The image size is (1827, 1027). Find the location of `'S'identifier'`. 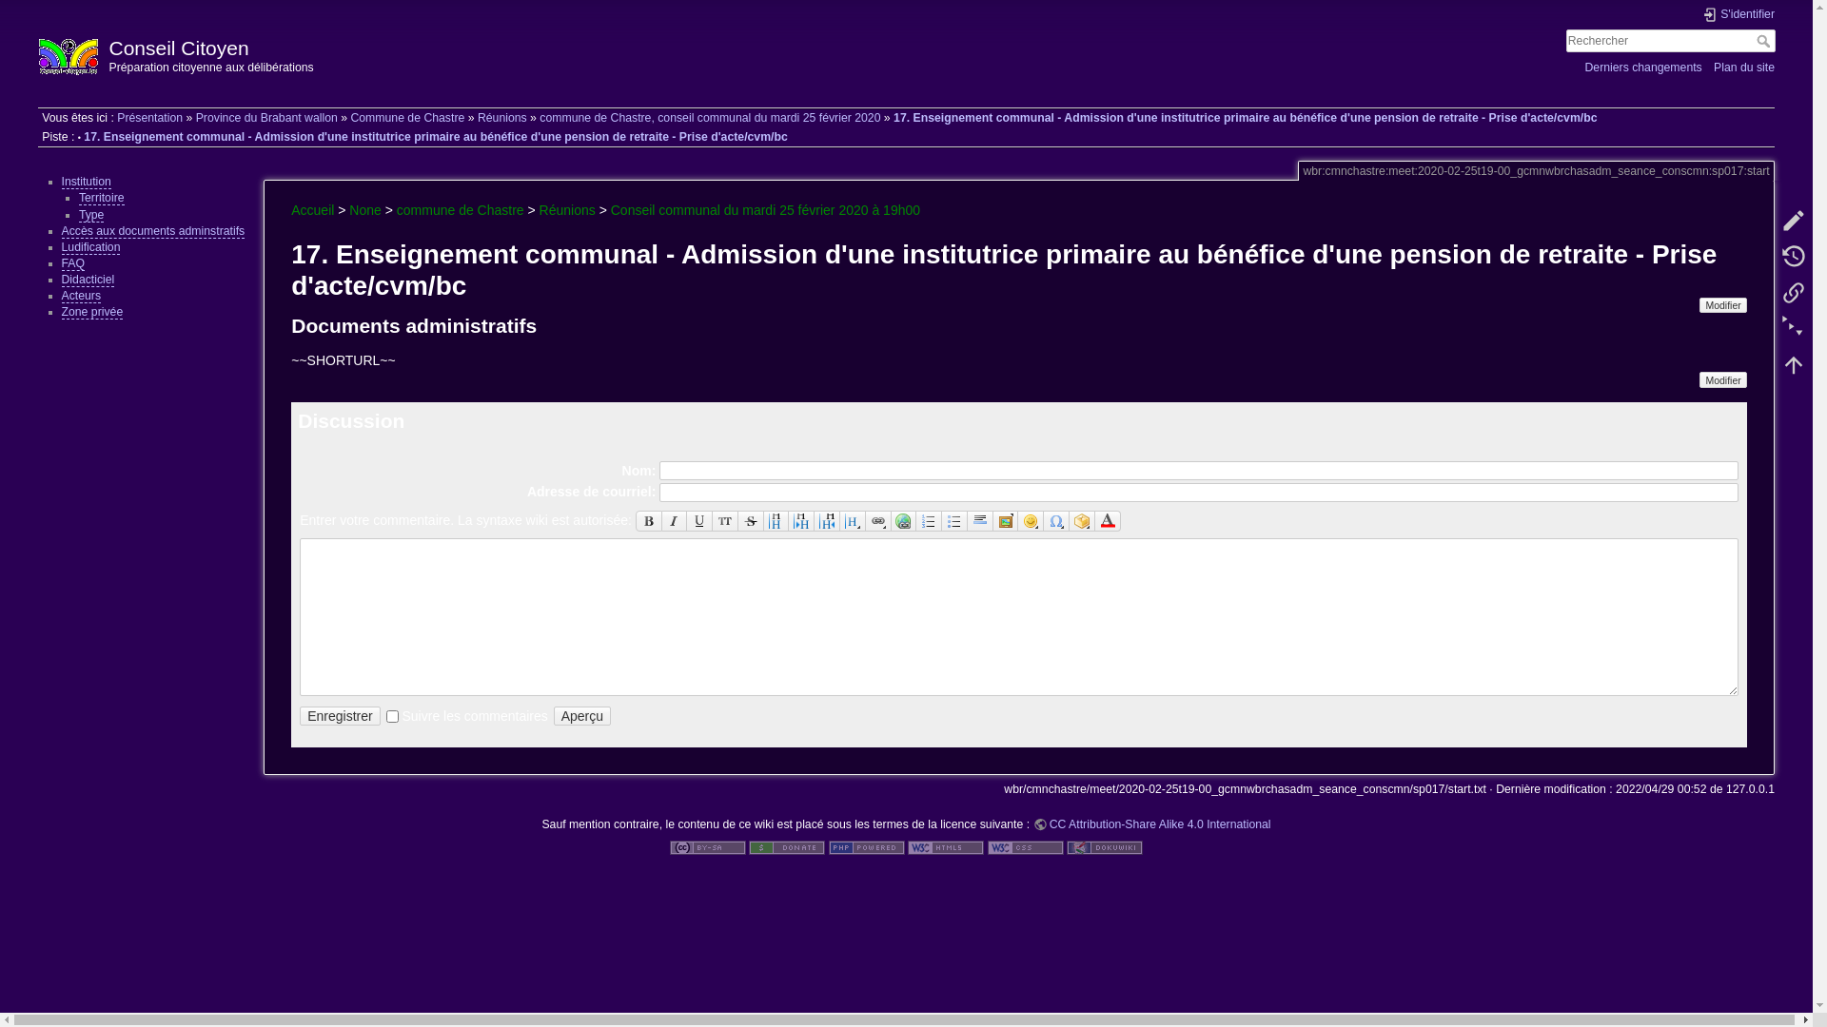

'S'identifier' is located at coordinates (1739, 14).